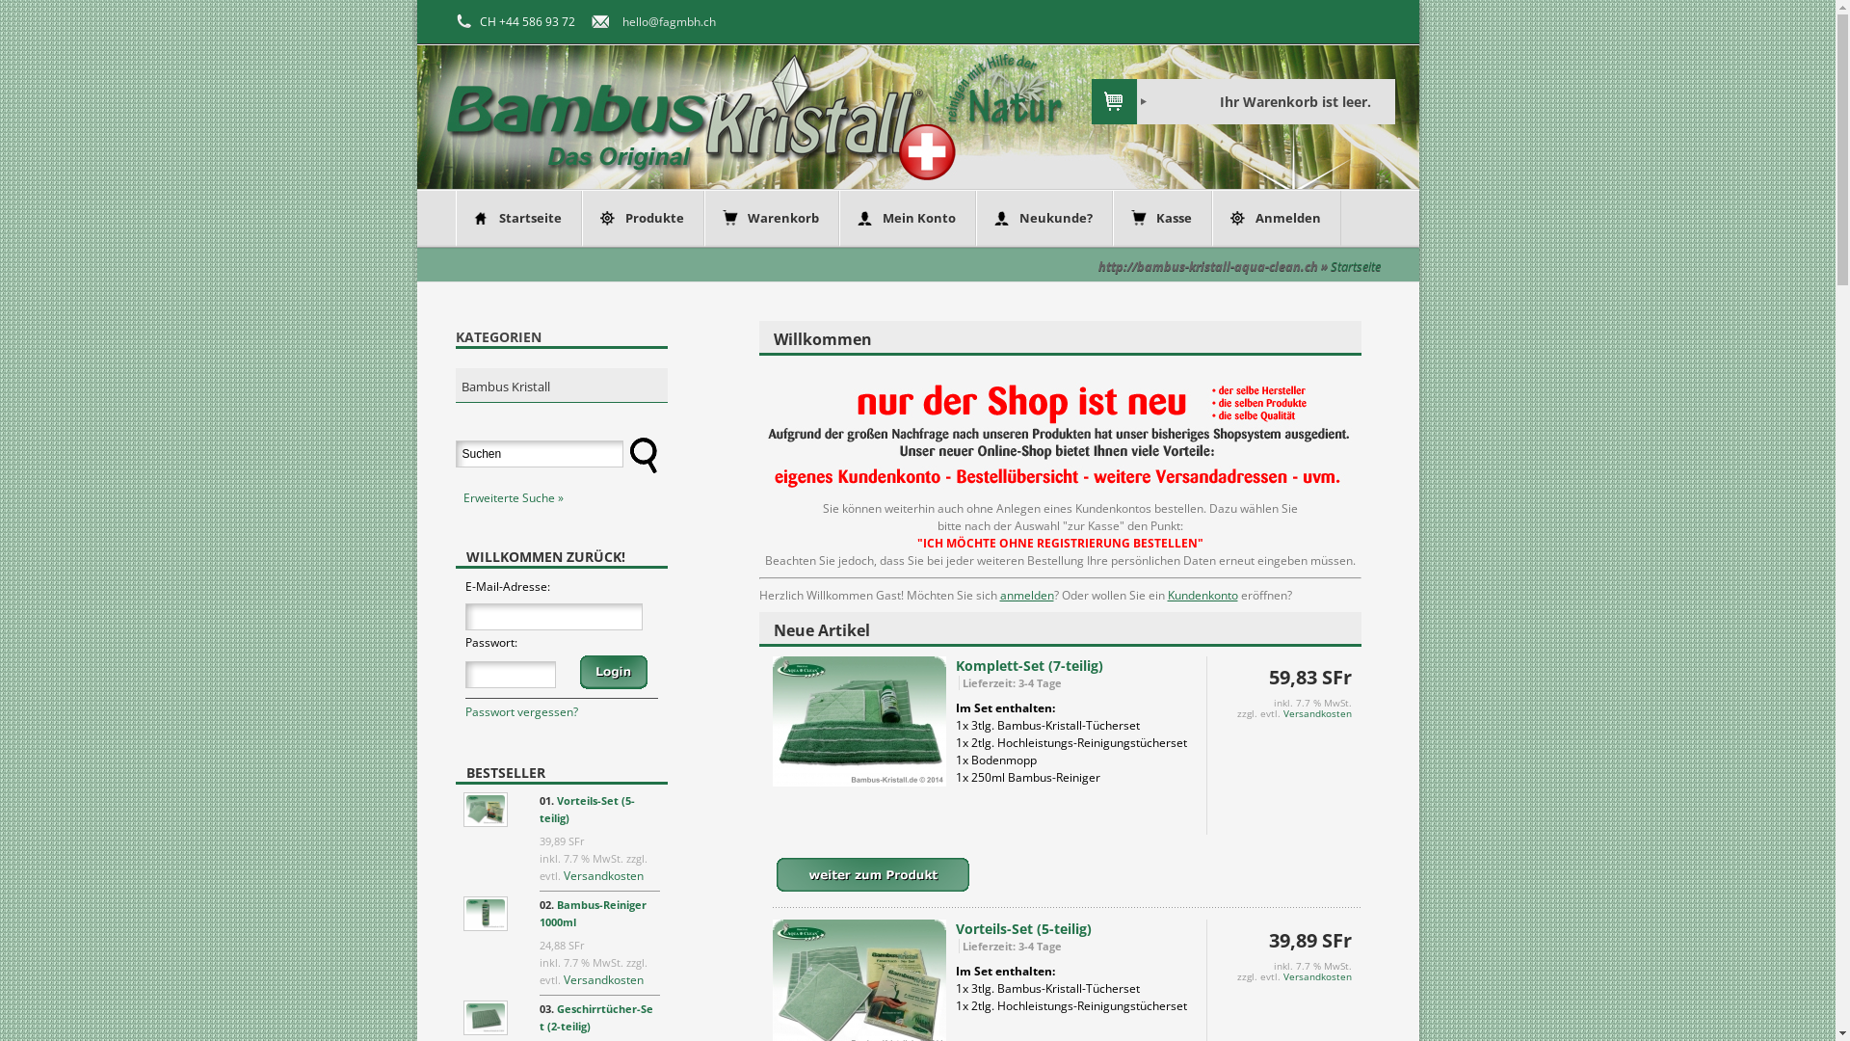 The height and width of the screenshot is (1041, 1850). What do you see at coordinates (653, 217) in the screenshot?
I see `'Produkte'` at bounding box center [653, 217].